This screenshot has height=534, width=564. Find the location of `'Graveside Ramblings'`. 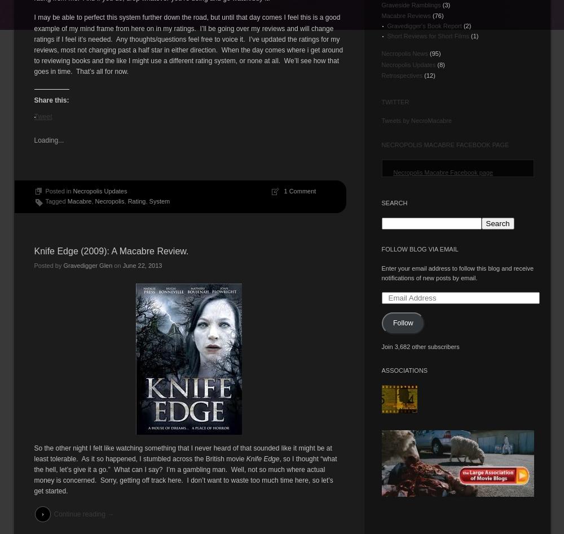

'Graveside Ramblings' is located at coordinates (410, 5).